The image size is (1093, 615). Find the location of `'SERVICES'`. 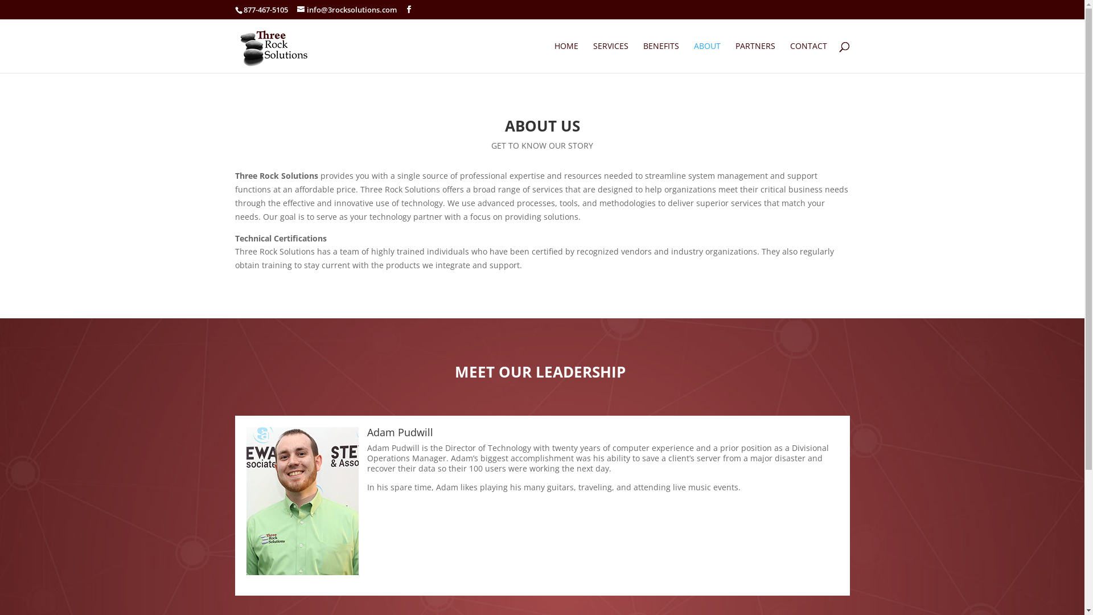

'SERVICES' is located at coordinates (610, 57).